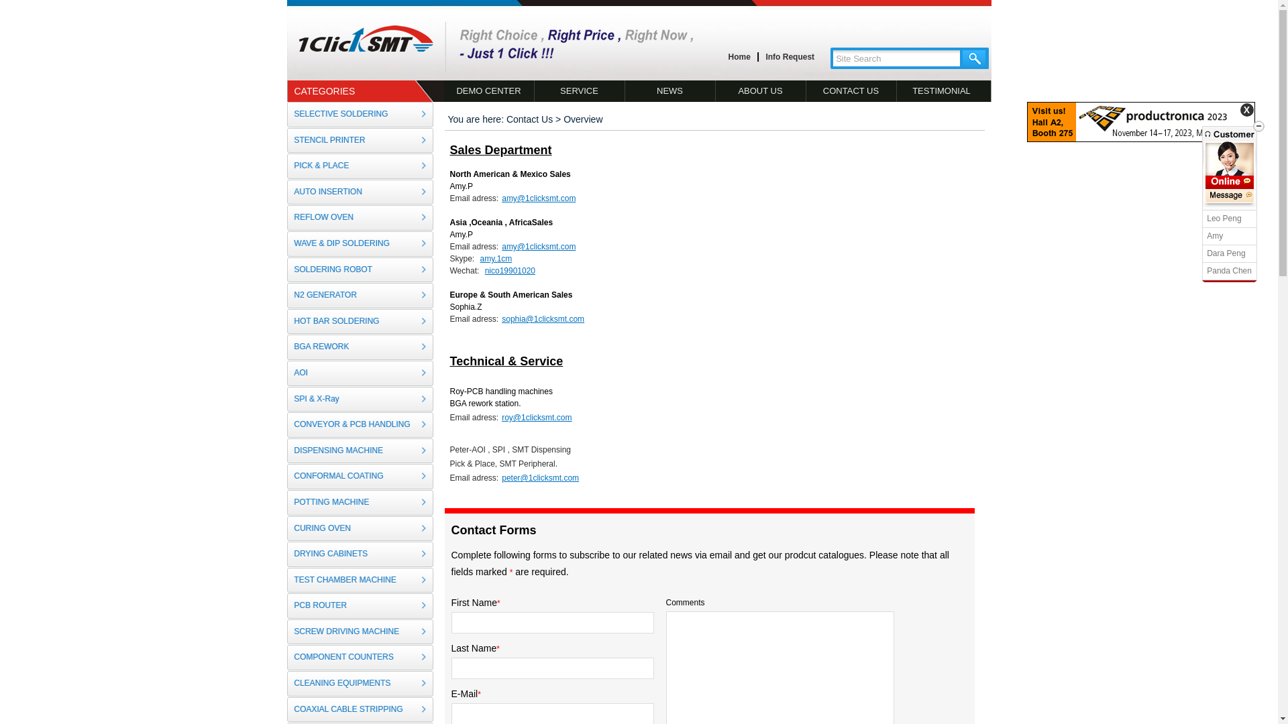 The image size is (1288, 724). Describe the element at coordinates (360, 656) in the screenshot. I see `'COMPONENT COUNTERS'` at that location.